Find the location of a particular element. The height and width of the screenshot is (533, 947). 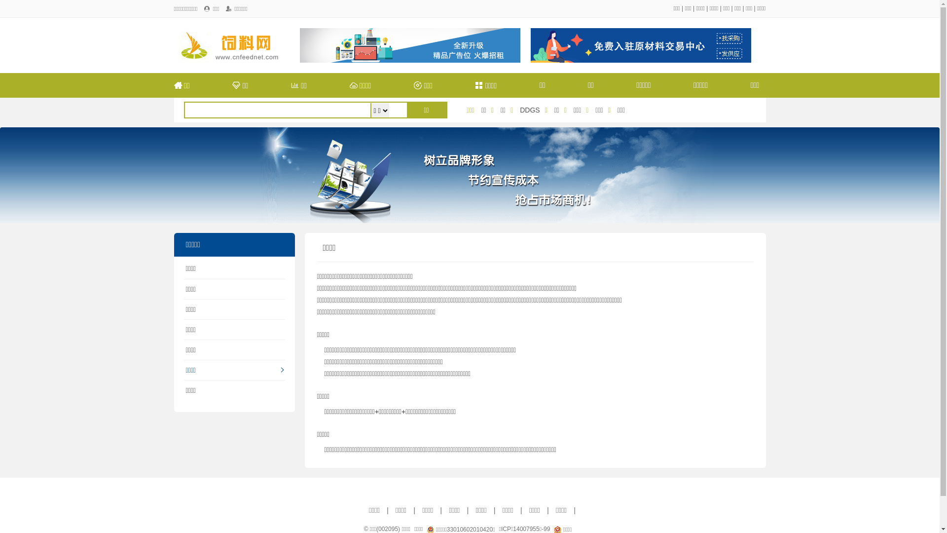

'DDGS' is located at coordinates (529, 110).